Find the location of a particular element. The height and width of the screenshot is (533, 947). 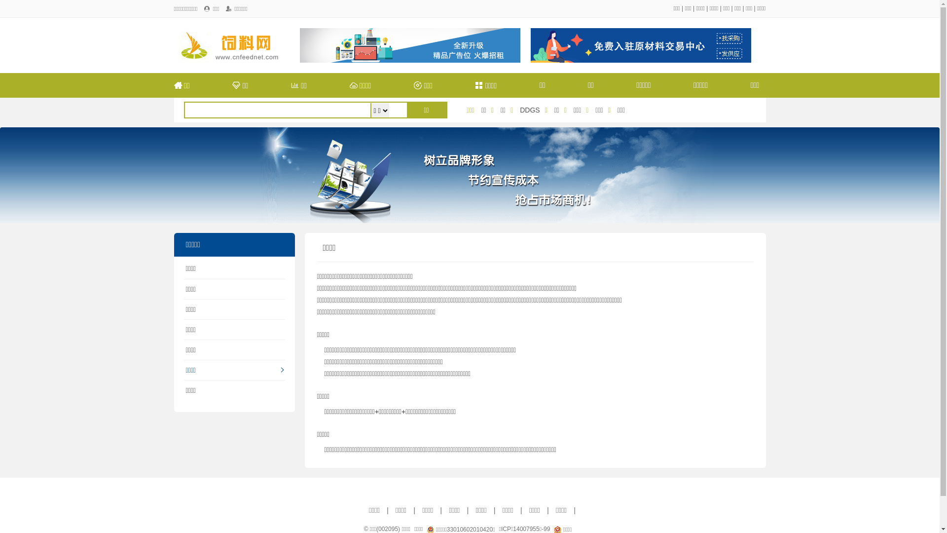

'DDGS' is located at coordinates (529, 110).